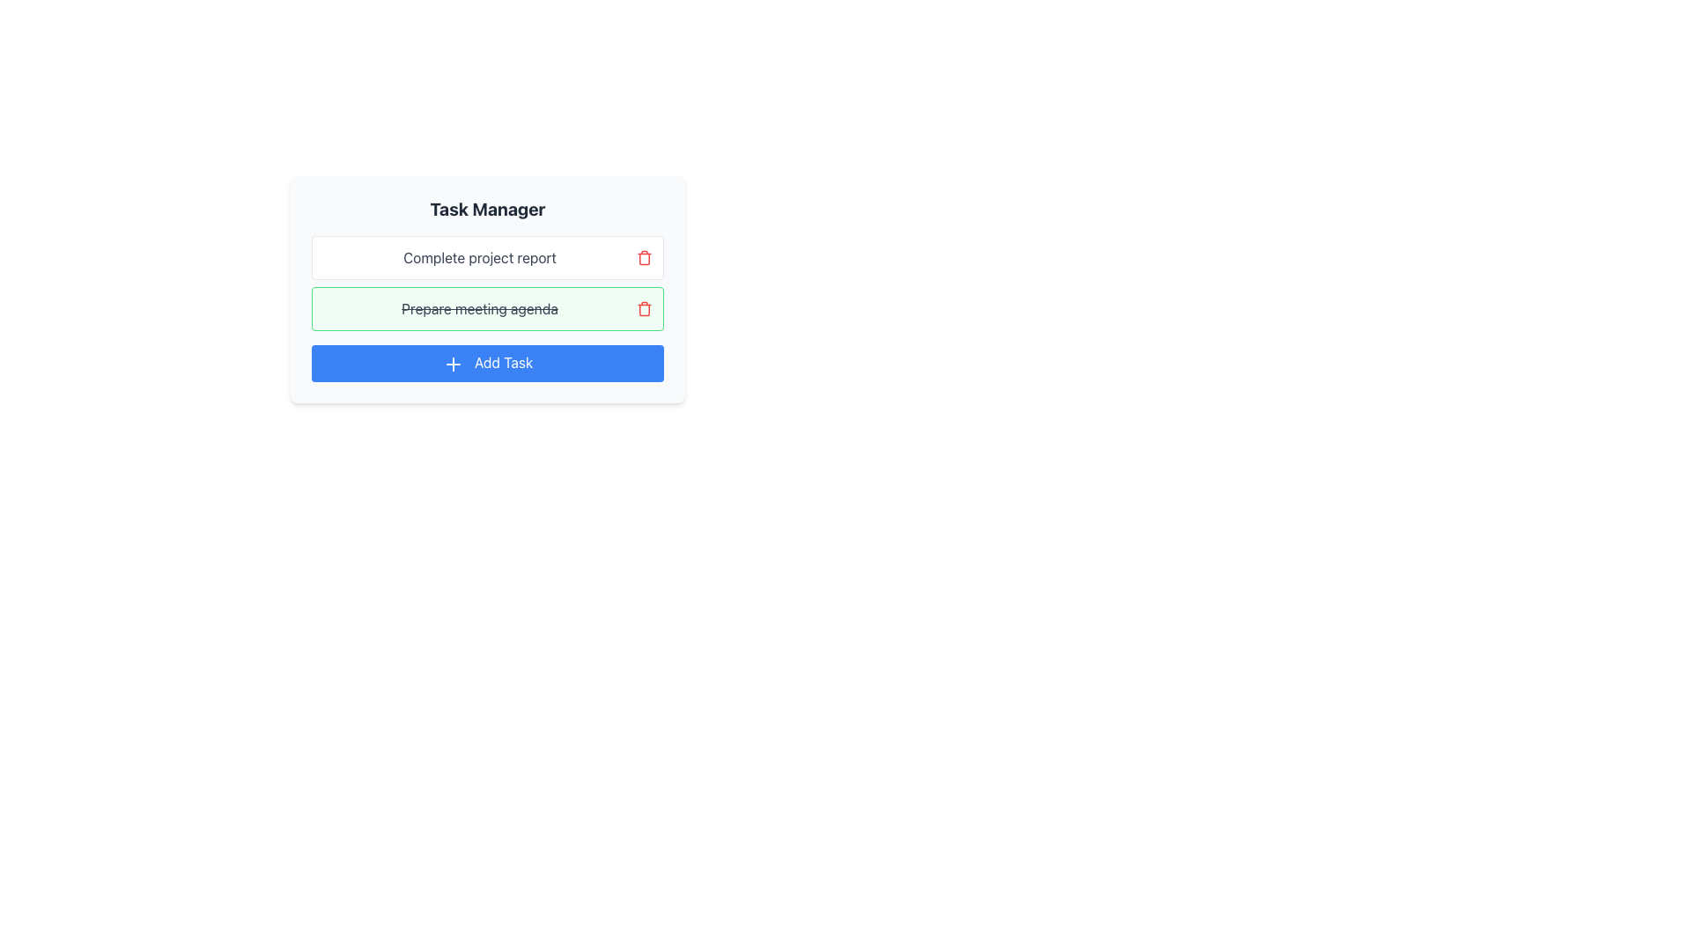 The height and width of the screenshot is (951, 1691). Describe the element at coordinates (487, 308) in the screenshot. I see `task title of the completed task item located in the 'Task Manager' section, which is the second item in the vertical list of tasks` at that location.